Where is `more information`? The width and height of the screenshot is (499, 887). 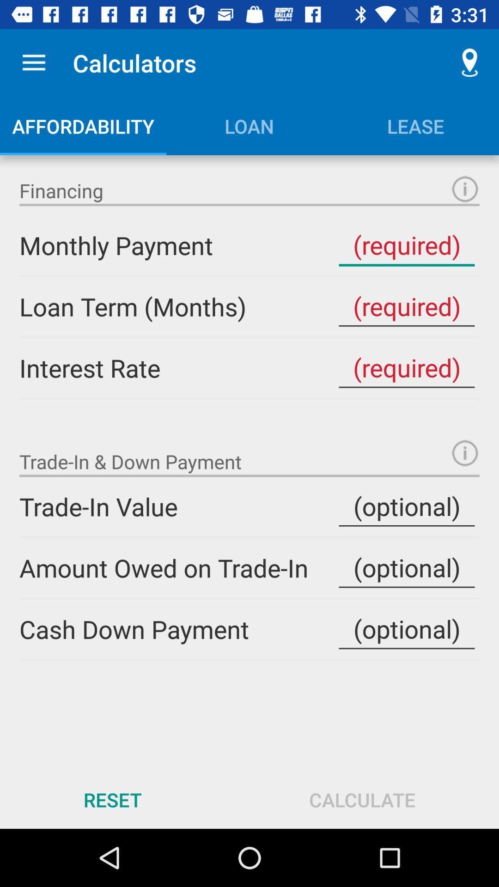
more information is located at coordinates (465, 453).